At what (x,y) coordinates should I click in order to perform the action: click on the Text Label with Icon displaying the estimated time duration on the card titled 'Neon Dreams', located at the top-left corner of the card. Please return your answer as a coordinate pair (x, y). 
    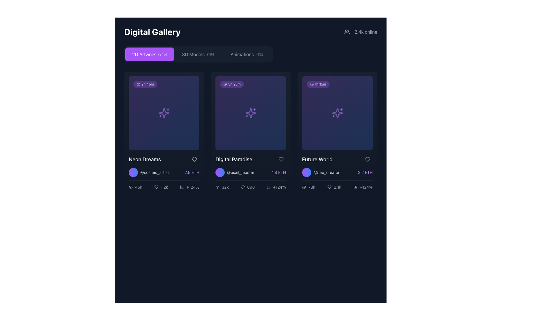
    Looking at the image, I should click on (145, 84).